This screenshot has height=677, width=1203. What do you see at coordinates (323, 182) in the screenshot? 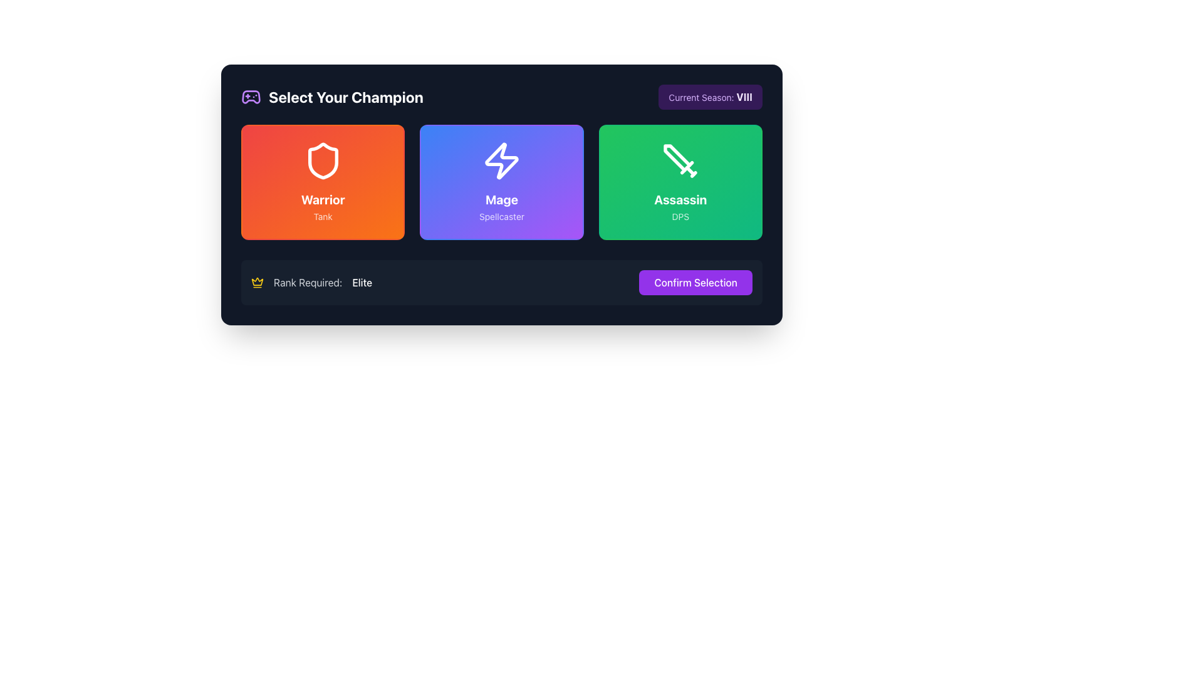
I see `the 'Warrior' character class card, specifically the leftmost card in a row of three` at bounding box center [323, 182].